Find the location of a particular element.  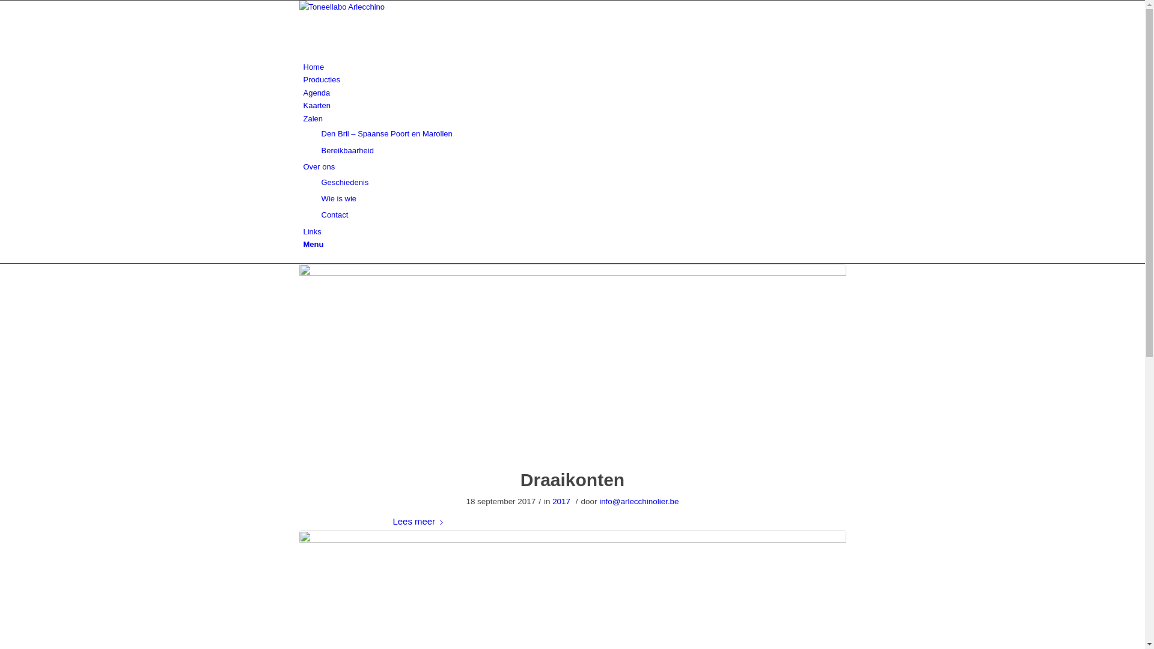

'Menu' is located at coordinates (313, 243).